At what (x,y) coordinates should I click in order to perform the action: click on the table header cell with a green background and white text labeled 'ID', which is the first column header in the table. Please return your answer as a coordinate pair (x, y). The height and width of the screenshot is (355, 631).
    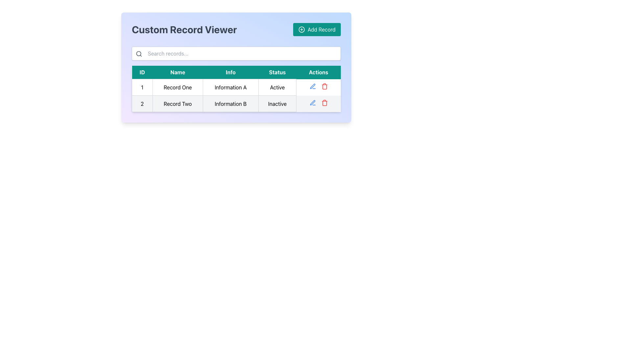
    Looking at the image, I should click on (142, 72).